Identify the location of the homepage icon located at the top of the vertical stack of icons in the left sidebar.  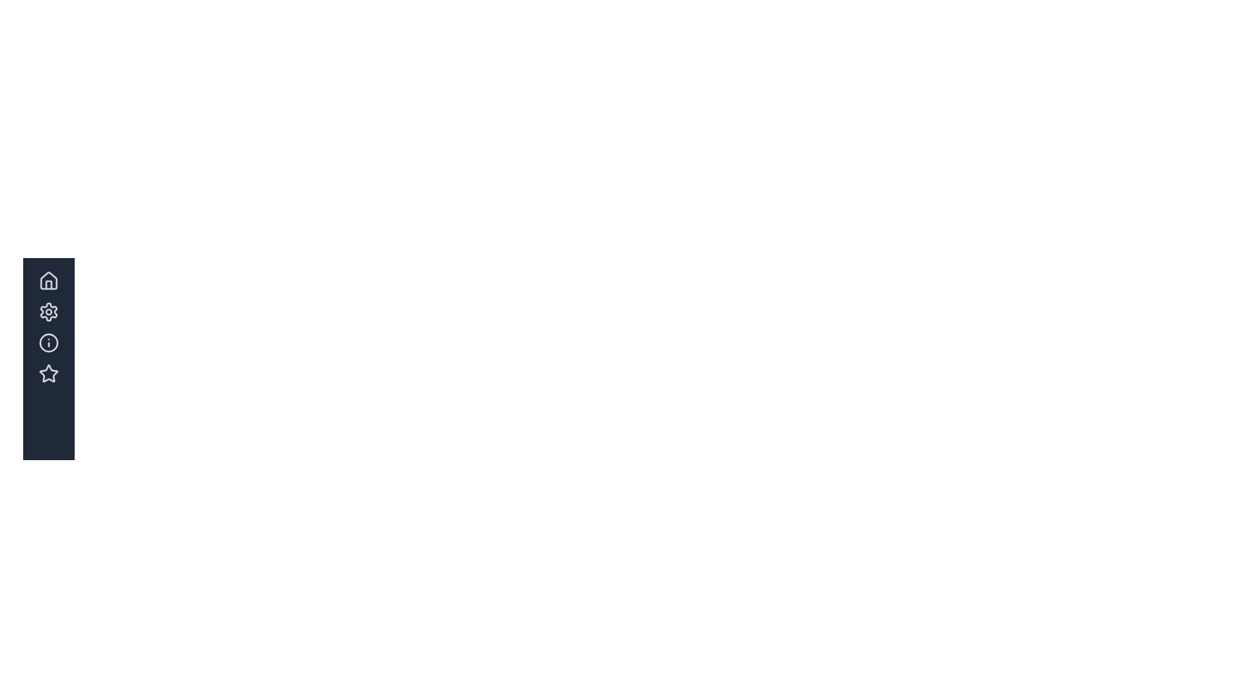
(49, 279).